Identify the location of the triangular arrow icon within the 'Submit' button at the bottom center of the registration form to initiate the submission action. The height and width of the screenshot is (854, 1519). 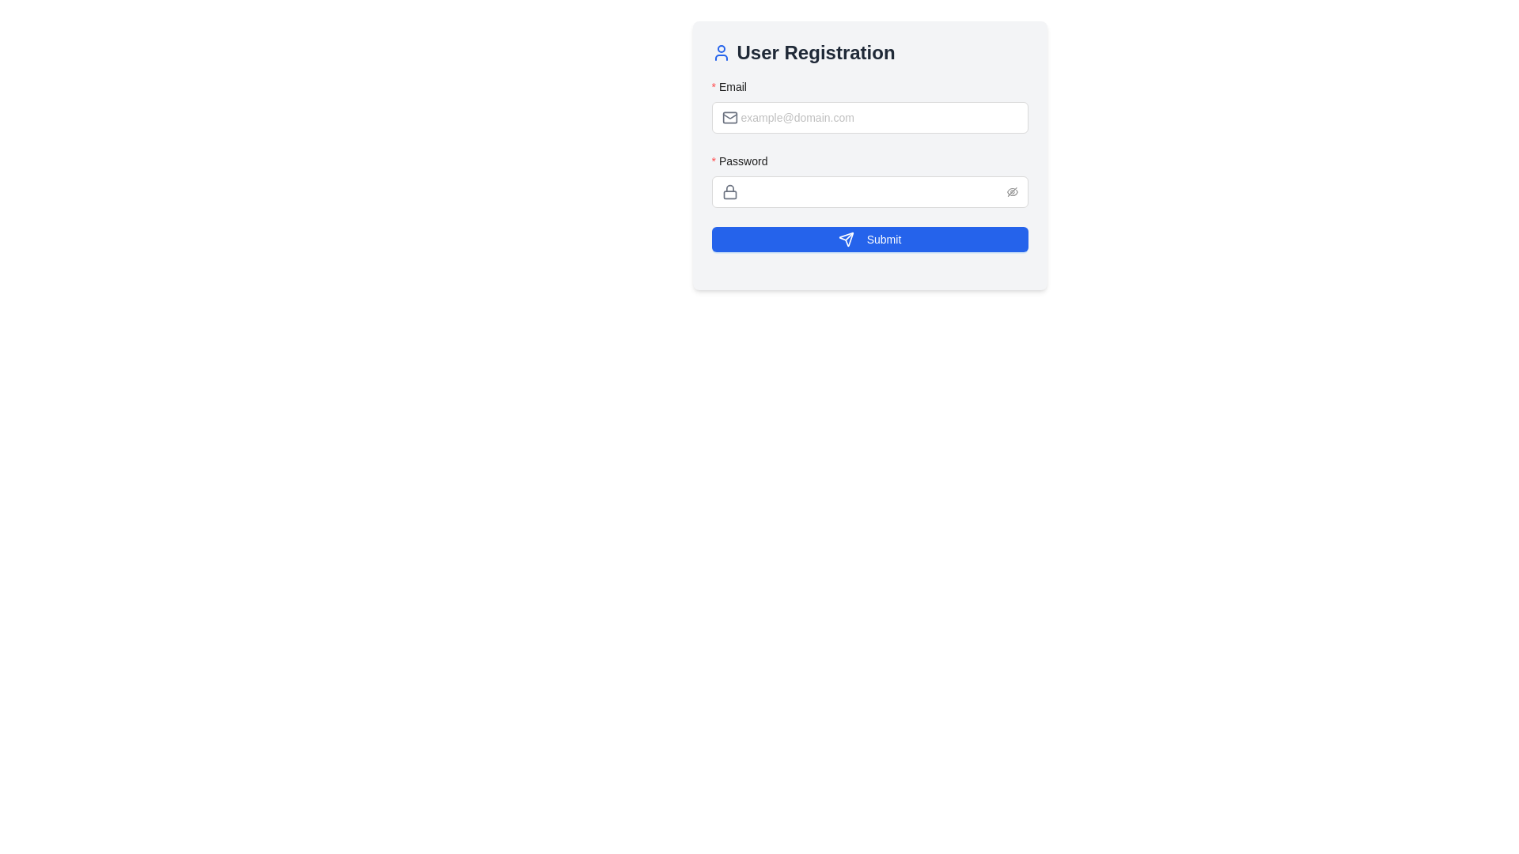
(845, 240).